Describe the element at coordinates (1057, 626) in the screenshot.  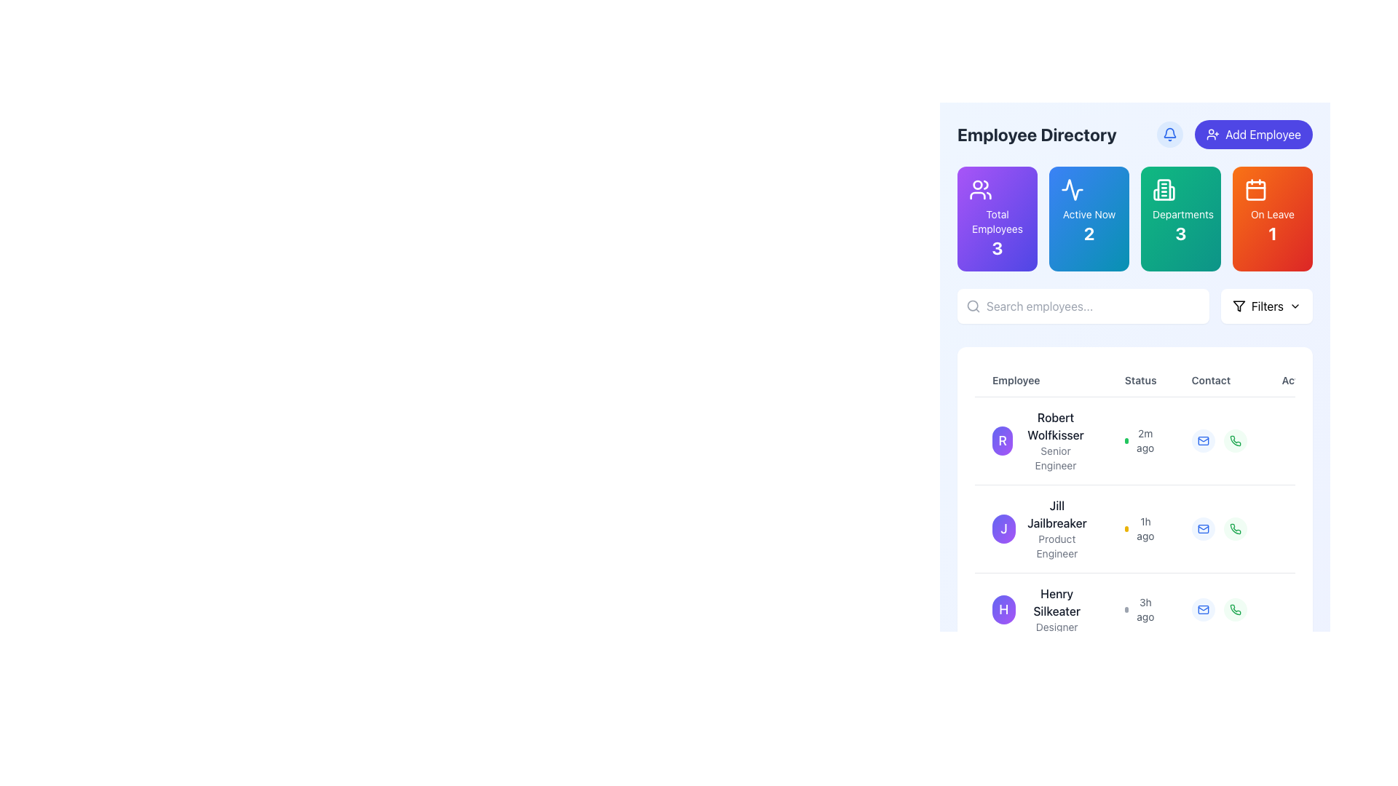
I see `the 'Designer' text label, which is styled in small, gray text and positioned below 'Henry Silkeater' in the employee information list` at that location.